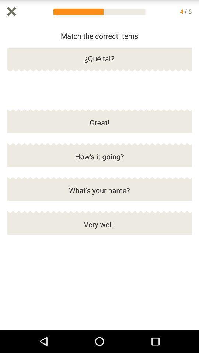 The height and width of the screenshot is (353, 199). What do you see at coordinates (11, 12) in the screenshot?
I see `the close icon` at bounding box center [11, 12].